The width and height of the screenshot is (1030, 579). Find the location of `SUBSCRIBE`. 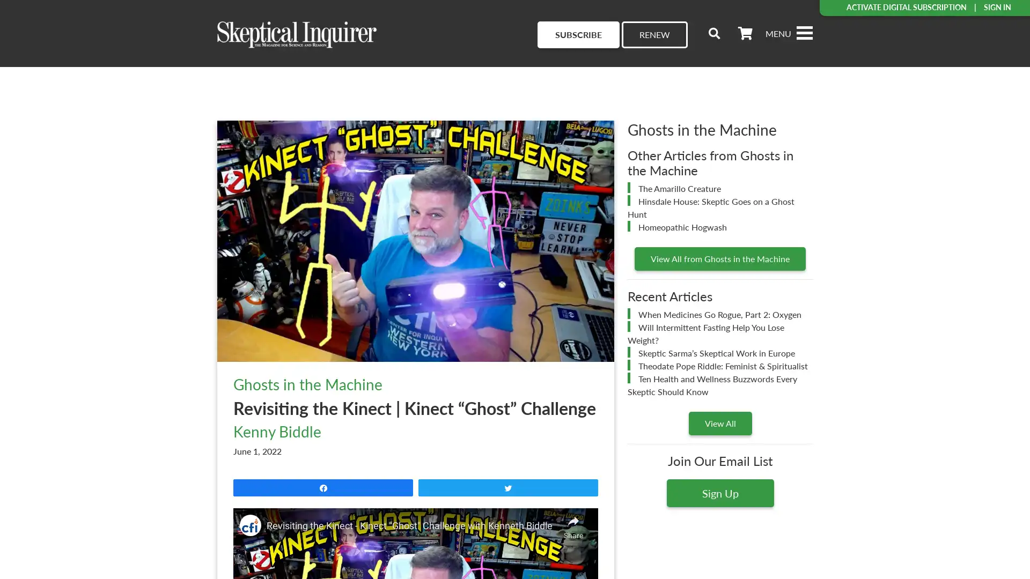

SUBSCRIBE is located at coordinates (578, 34).